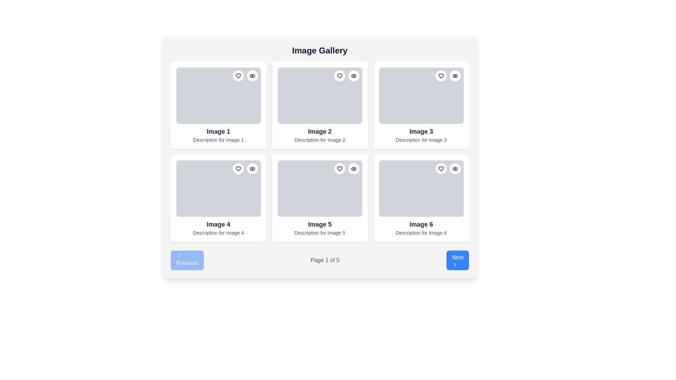 This screenshot has width=676, height=380. Describe the element at coordinates (440, 76) in the screenshot. I see `the heart icon located in the top-right corner of the image block labeled 'Image 3' to mark it as a favorite` at that location.